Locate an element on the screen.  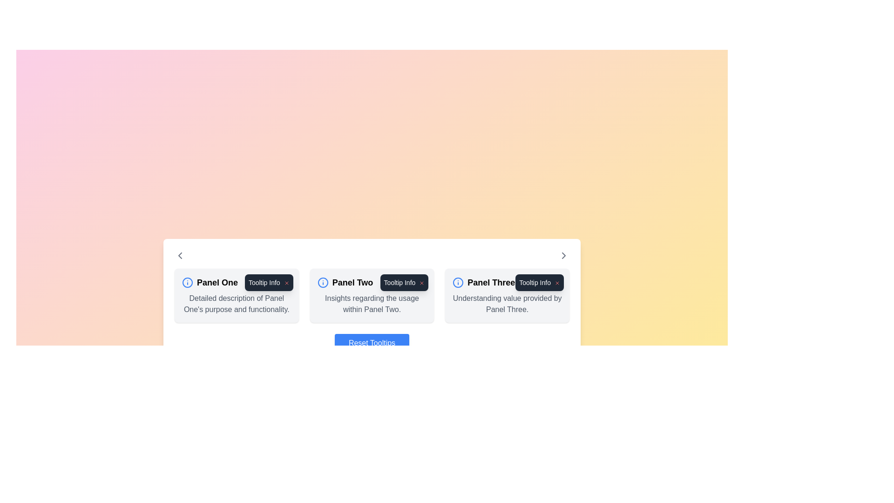
the right-pointing chevron SVG graphic, which serves as a navigation cue for the 'Next' button is located at coordinates (563, 255).